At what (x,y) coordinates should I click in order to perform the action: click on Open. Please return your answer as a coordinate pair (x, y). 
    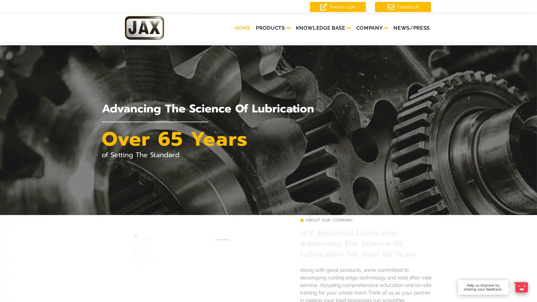
    Looking at the image, I should click on (520, 287).